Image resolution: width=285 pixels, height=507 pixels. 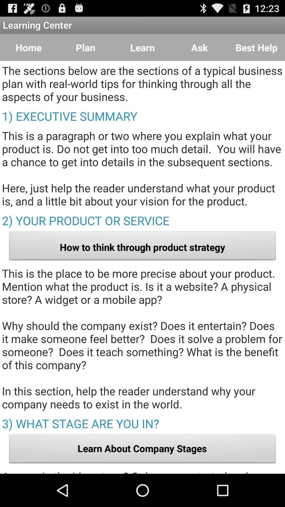 What do you see at coordinates (199, 48) in the screenshot?
I see `ask icon` at bounding box center [199, 48].